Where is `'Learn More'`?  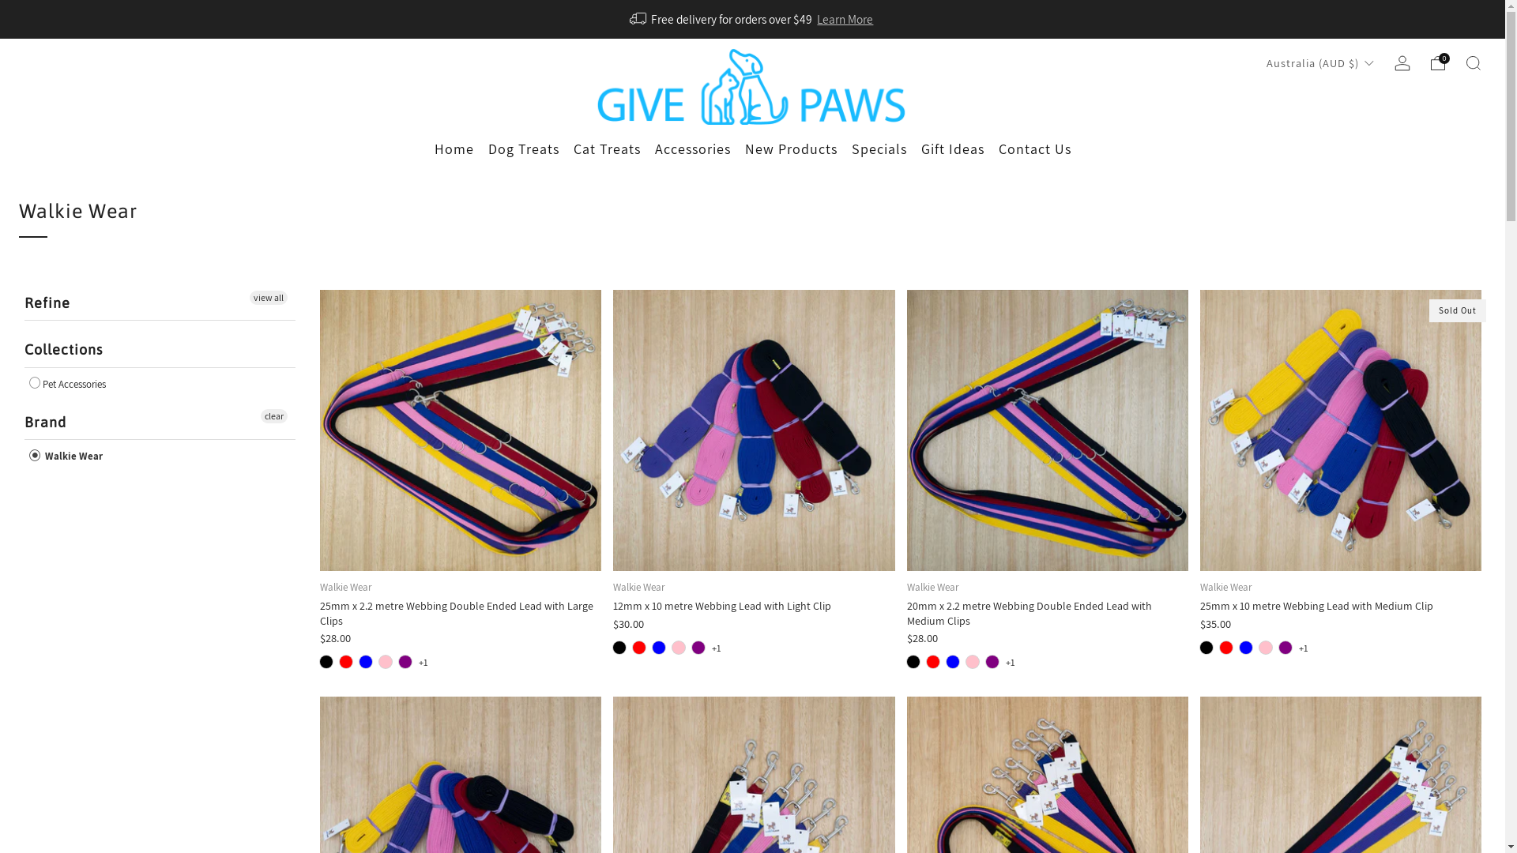 'Learn More' is located at coordinates (844, 18).